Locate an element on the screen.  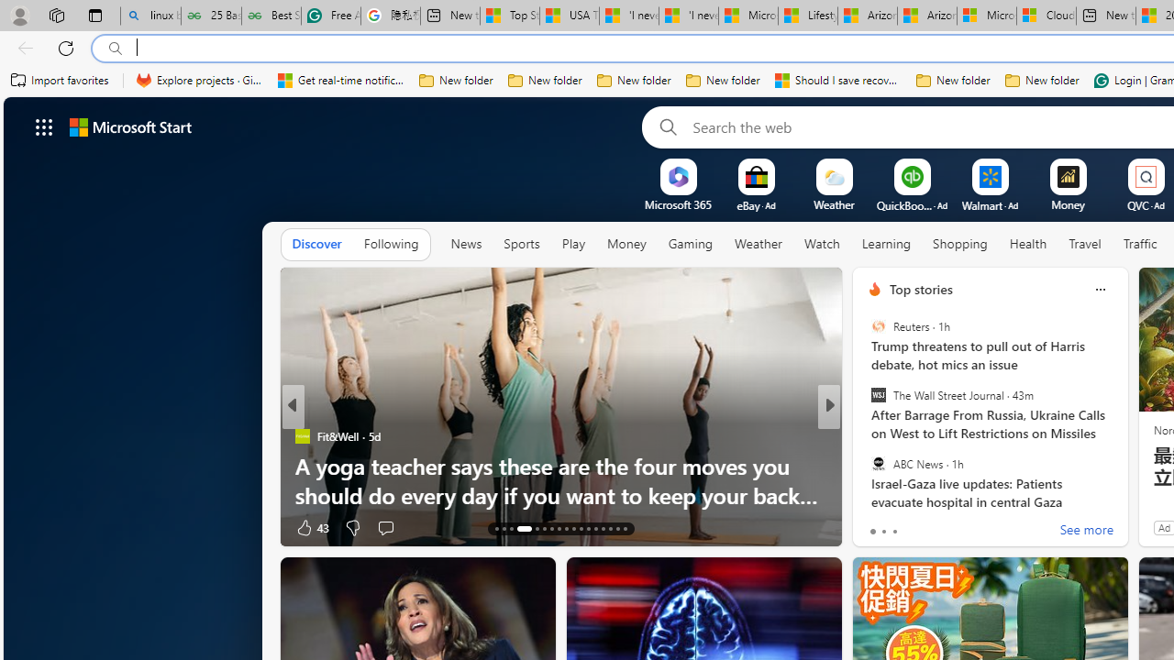
'BGR' is located at coordinates (866, 435).